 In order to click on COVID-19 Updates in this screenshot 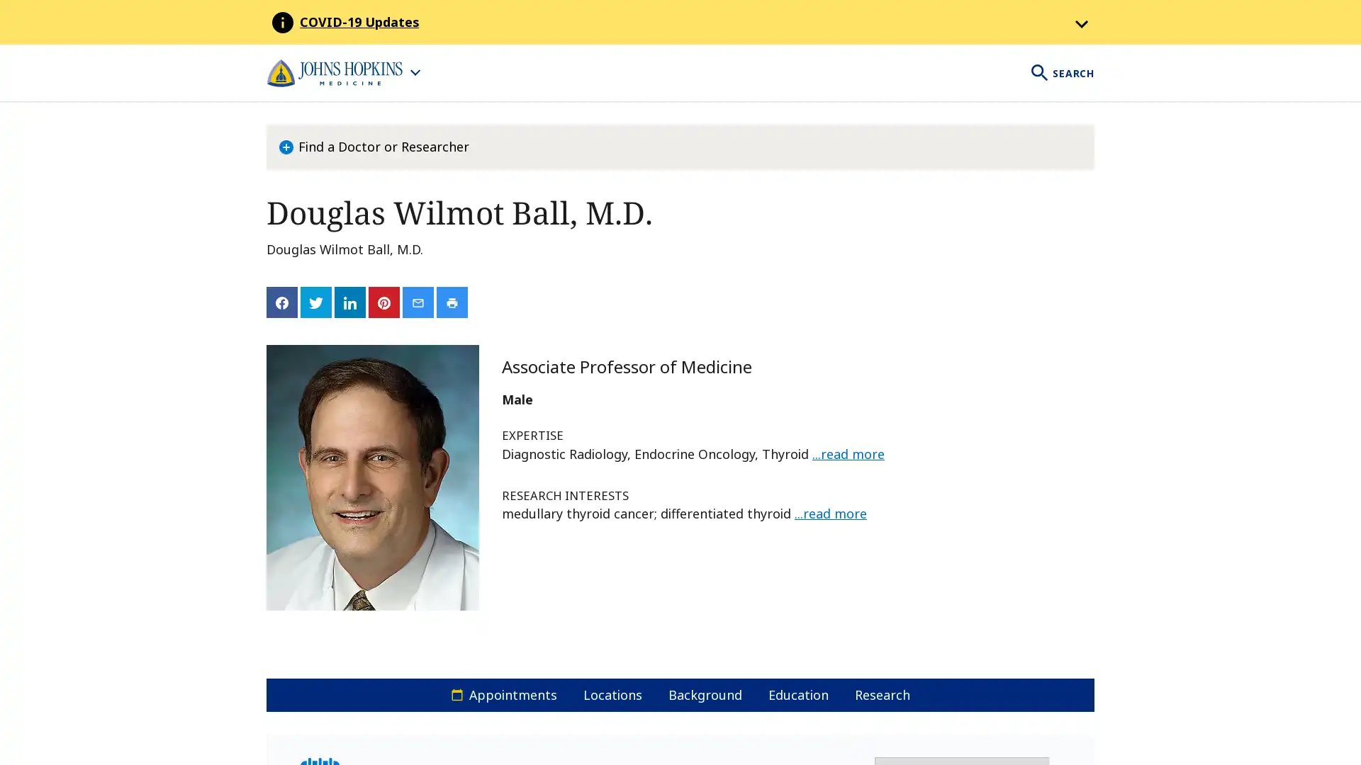, I will do `click(697, 22)`.